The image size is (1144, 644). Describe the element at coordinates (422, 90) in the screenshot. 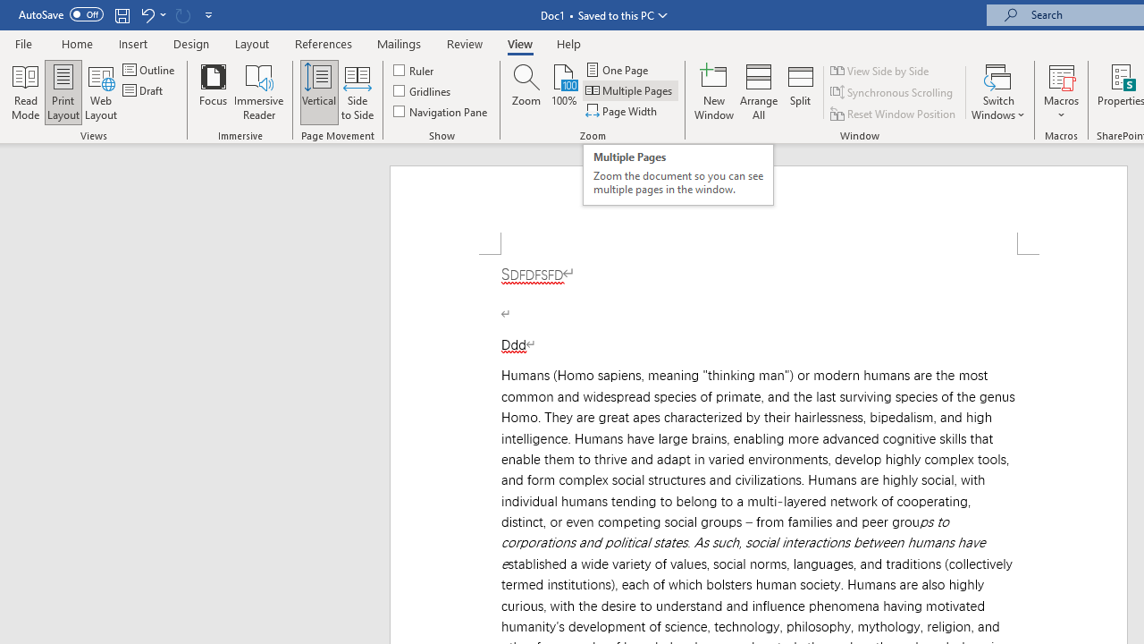

I see `'Gridlines'` at that location.